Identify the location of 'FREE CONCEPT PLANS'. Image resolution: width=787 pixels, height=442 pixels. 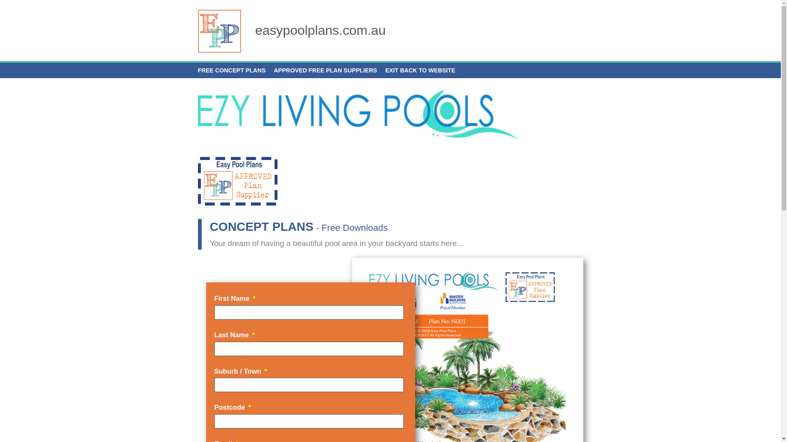
(231, 70).